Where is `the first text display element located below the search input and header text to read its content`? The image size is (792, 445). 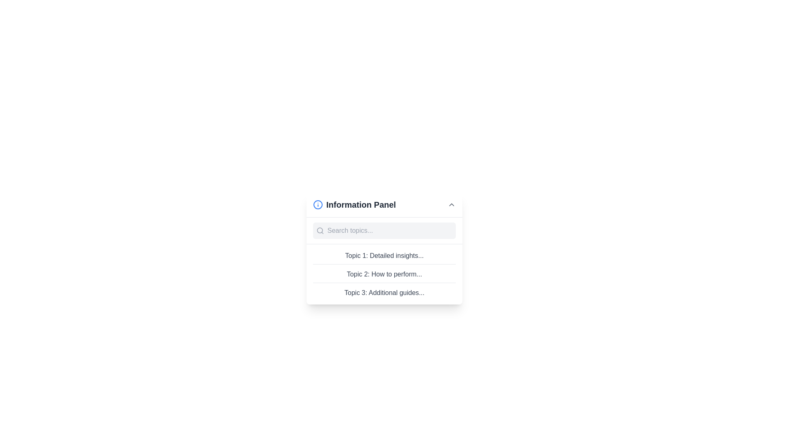
the first text display element located below the search input and header text to read its content is located at coordinates (384, 257).